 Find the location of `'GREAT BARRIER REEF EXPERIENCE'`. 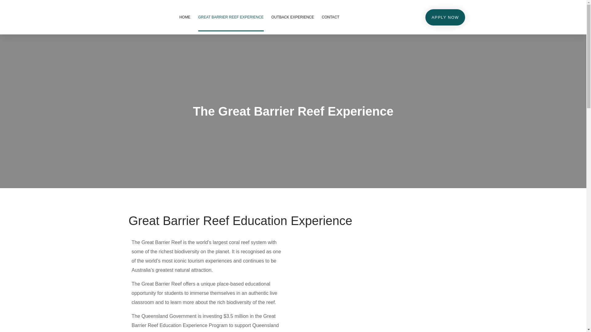

'GREAT BARRIER REEF EXPERIENCE' is located at coordinates (231, 17).